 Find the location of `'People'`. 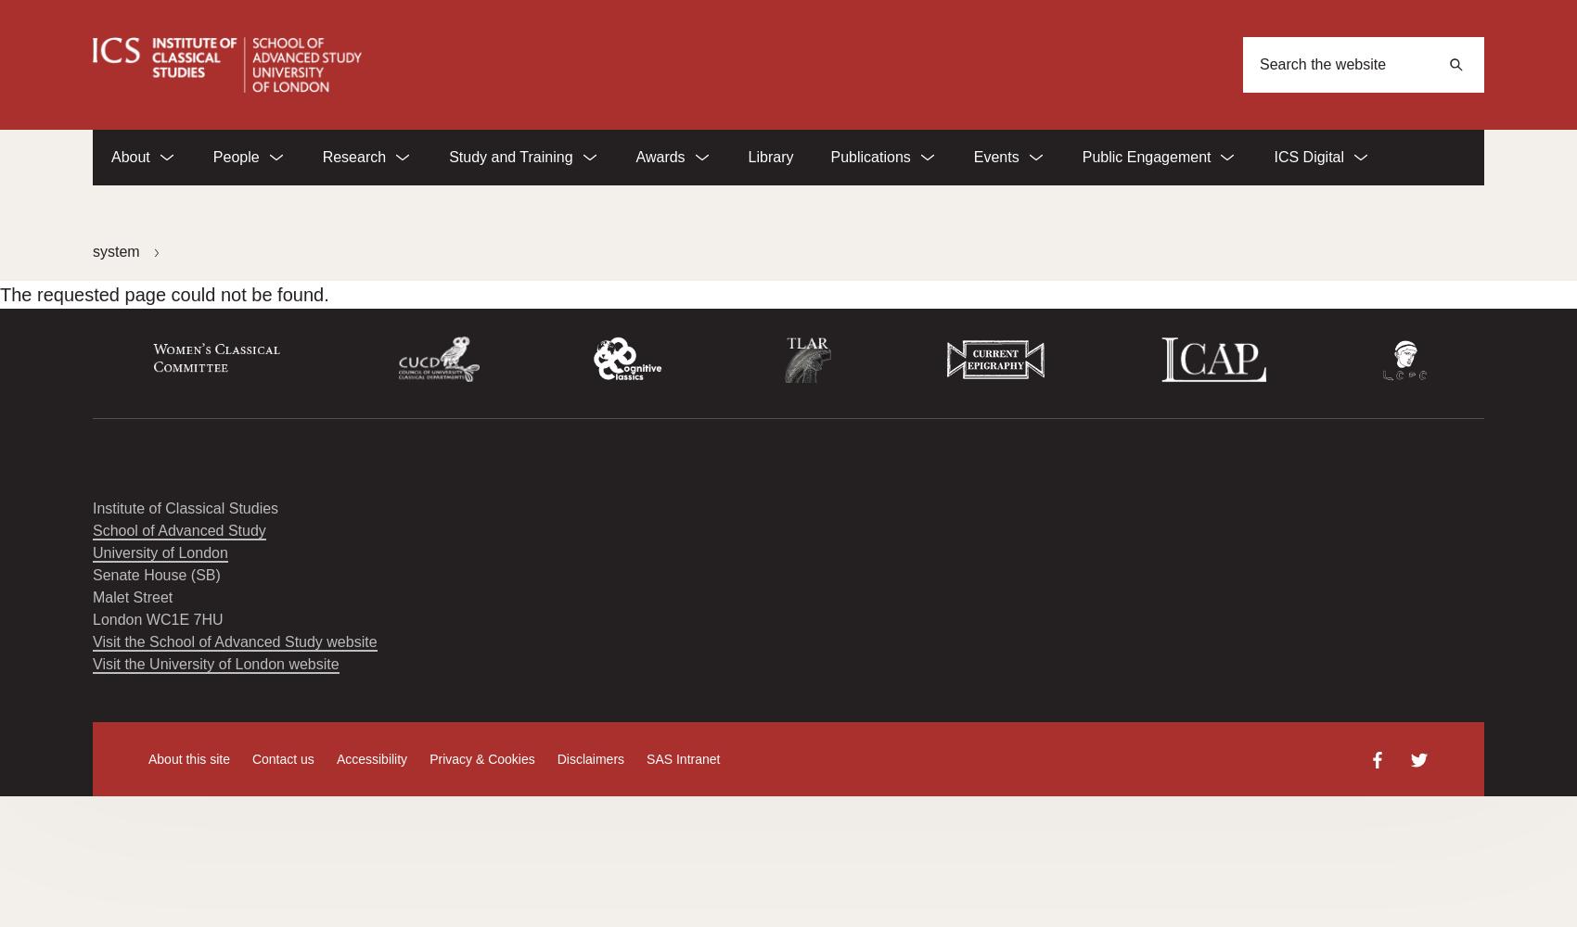

'People' is located at coordinates (212, 157).